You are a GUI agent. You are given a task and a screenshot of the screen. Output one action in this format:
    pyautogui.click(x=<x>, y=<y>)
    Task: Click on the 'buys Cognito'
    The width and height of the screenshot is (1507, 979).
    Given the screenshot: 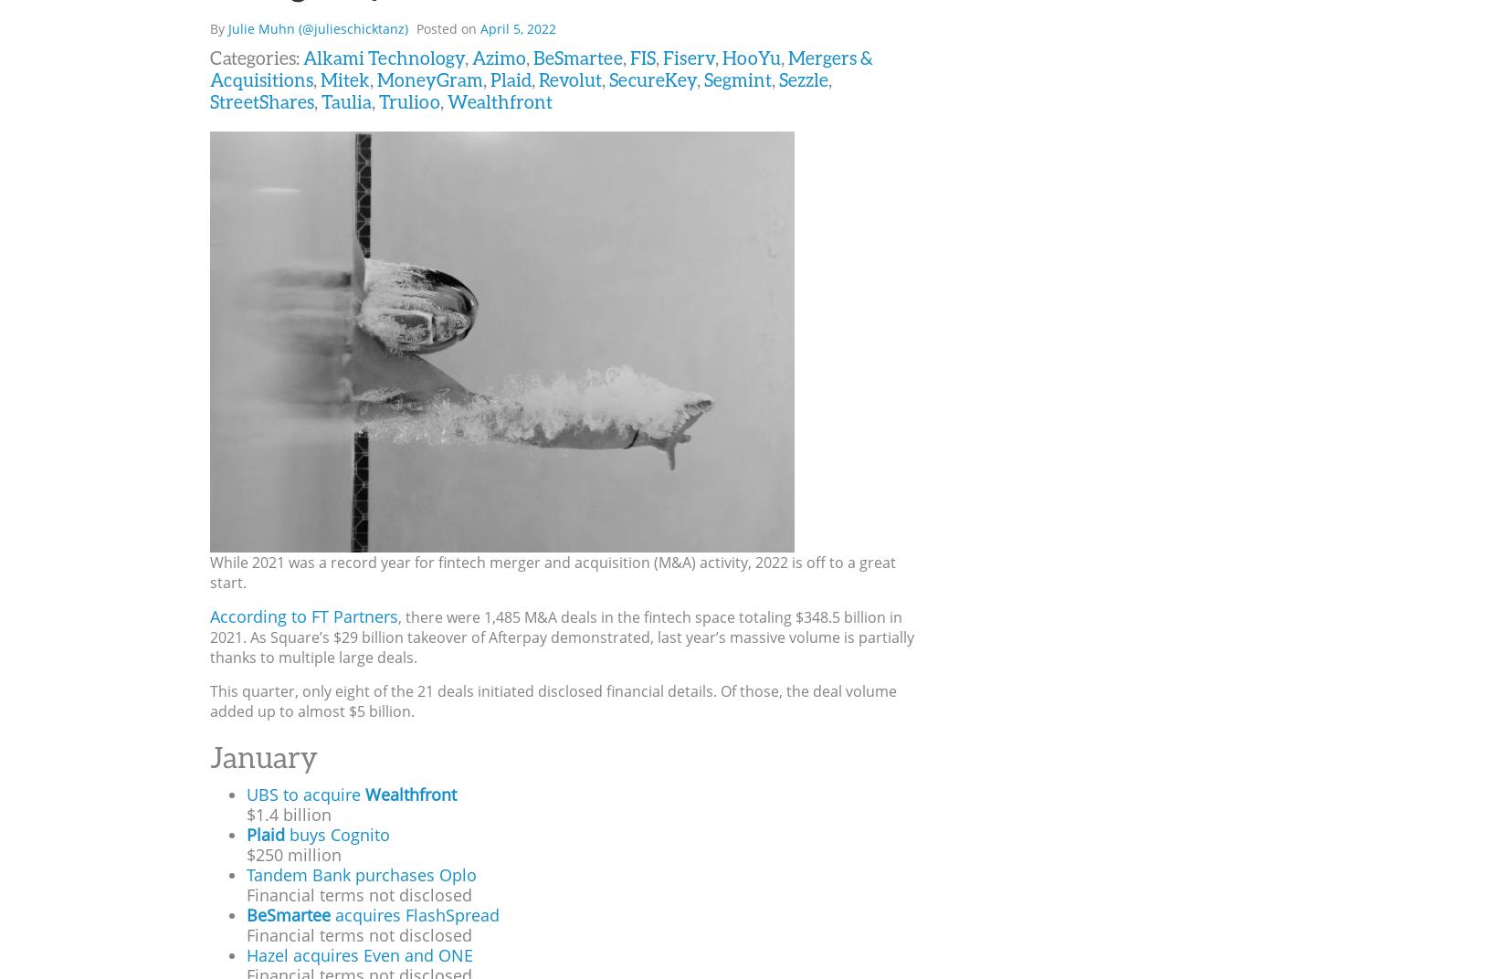 What is the action you would take?
    pyautogui.click(x=337, y=834)
    